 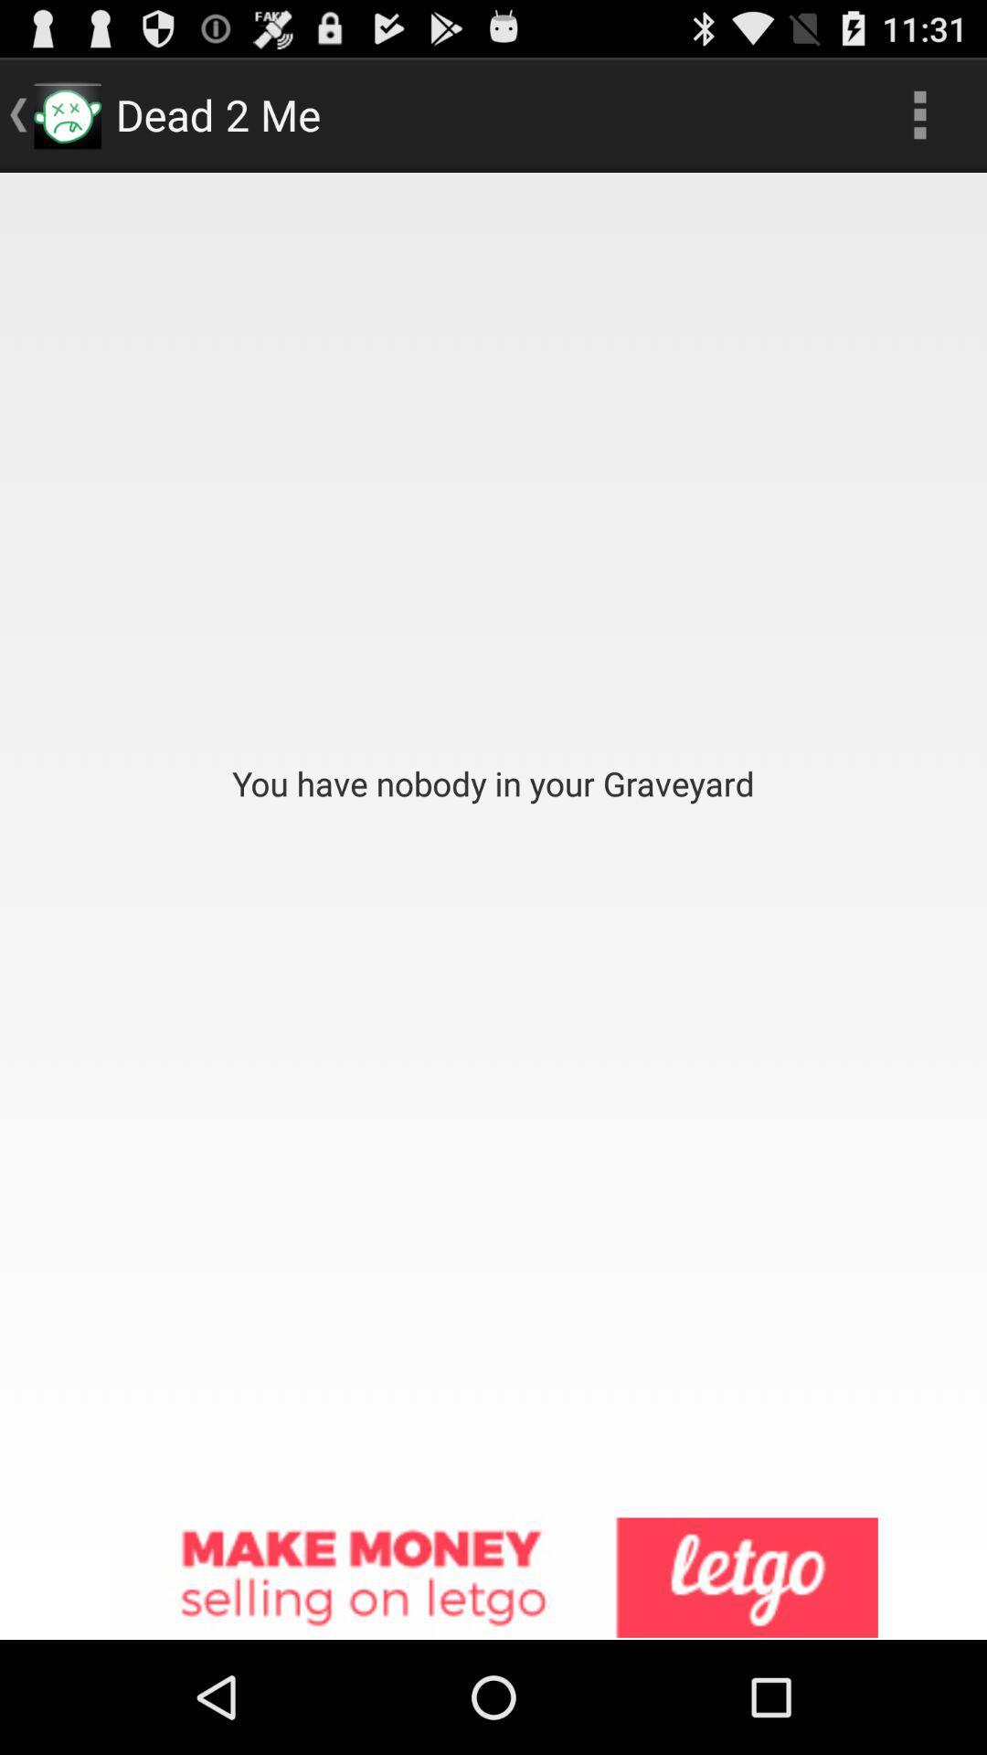 What do you see at coordinates (493, 1578) in the screenshot?
I see `advertisement` at bounding box center [493, 1578].